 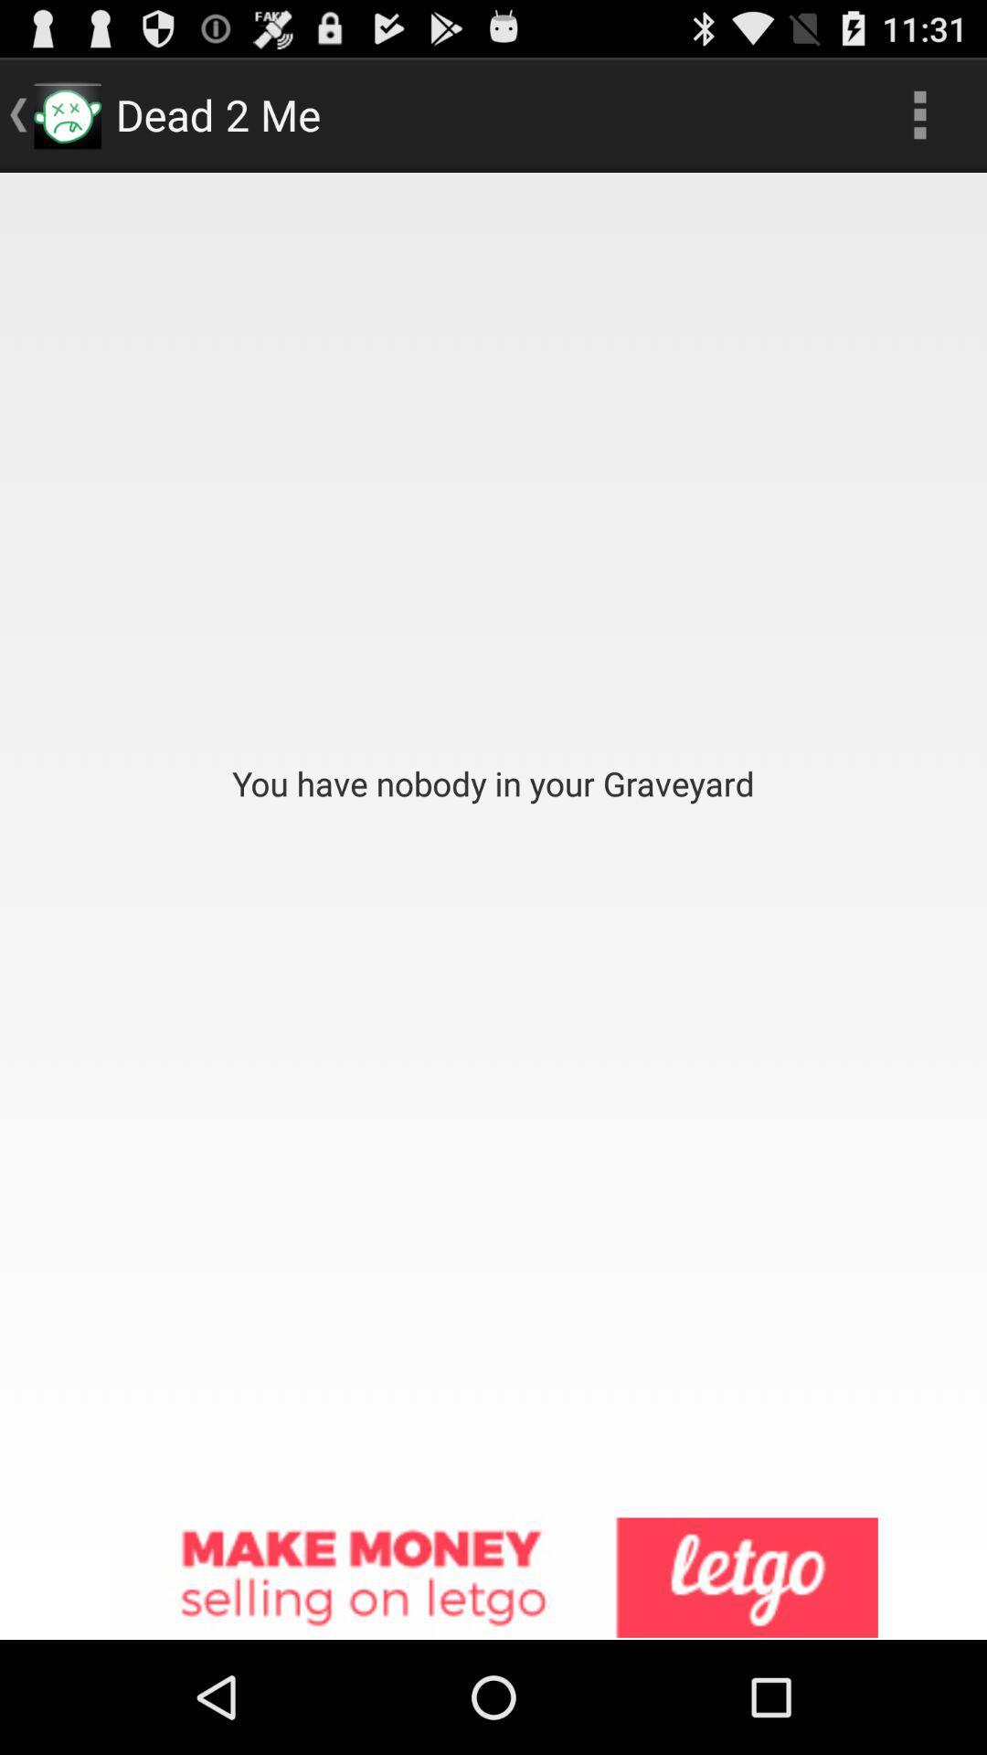 What do you see at coordinates (493, 1578) in the screenshot?
I see `advertisement` at bounding box center [493, 1578].